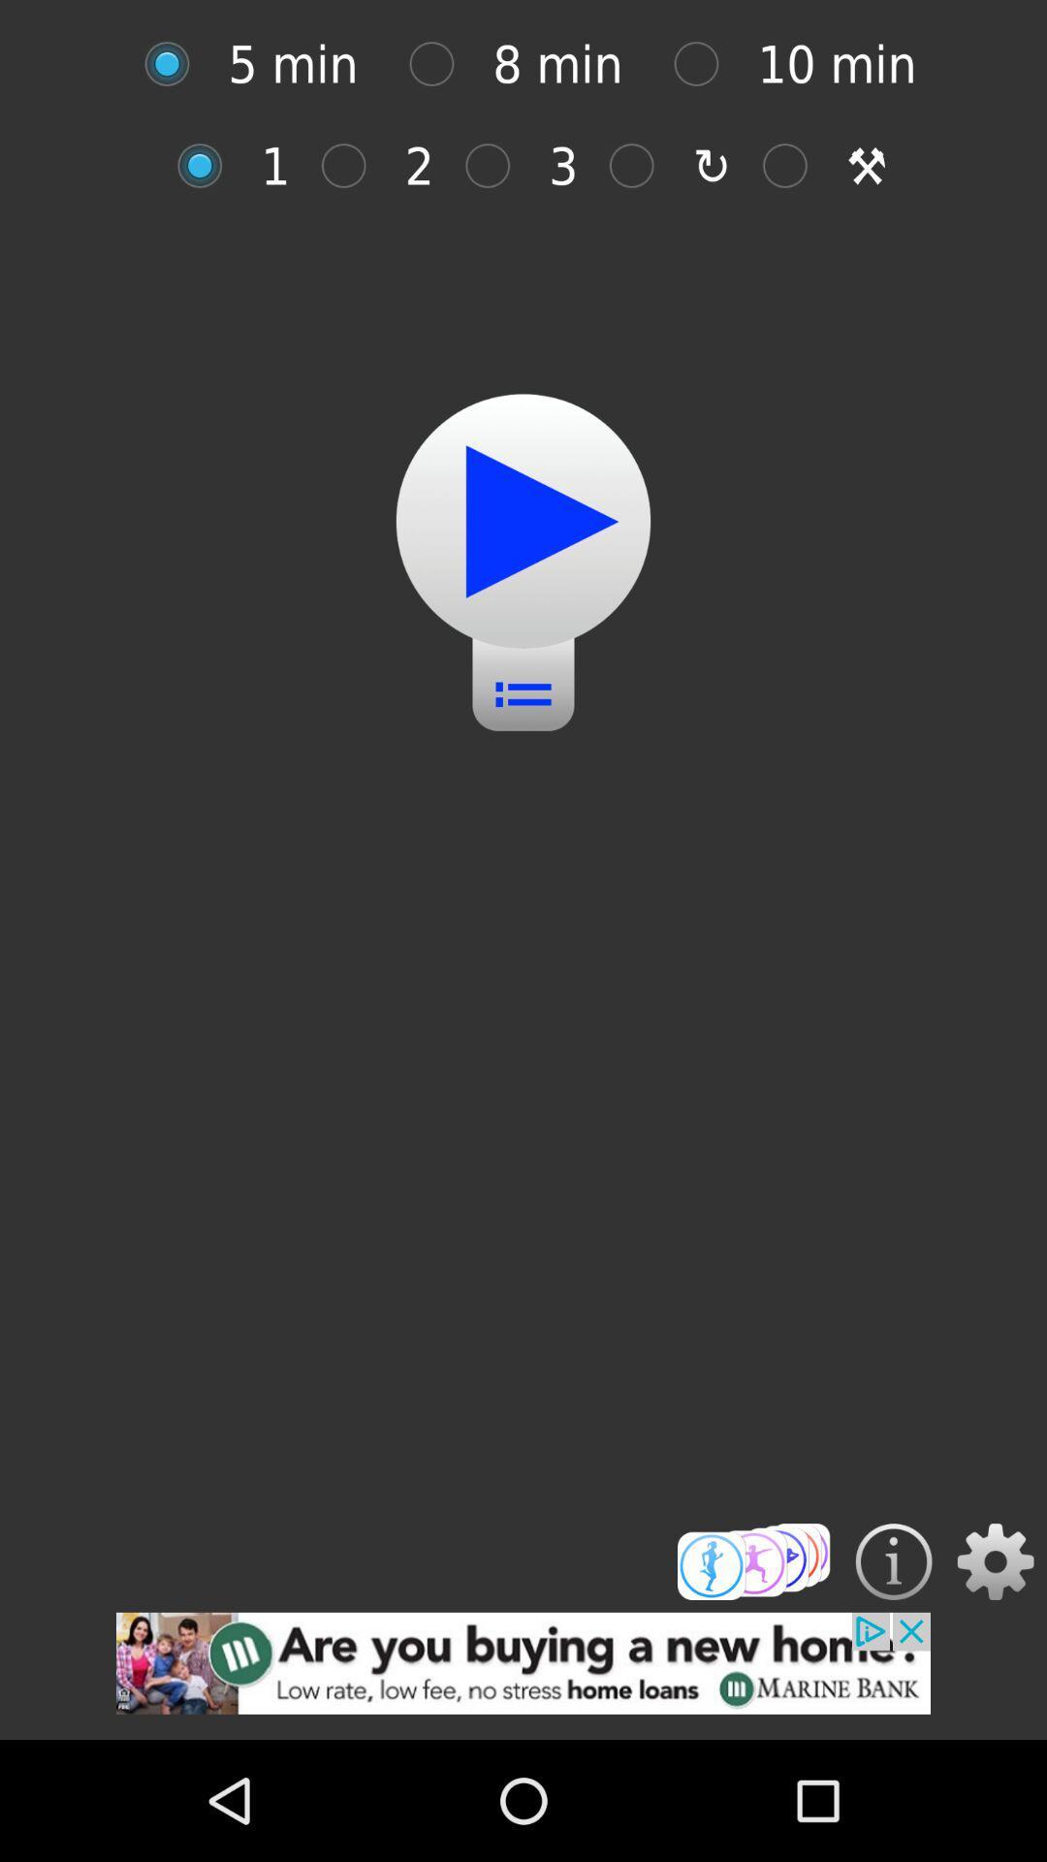 Image resolution: width=1047 pixels, height=1862 pixels. Describe the element at coordinates (707, 64) in the screenshot. I see `option` at that location.